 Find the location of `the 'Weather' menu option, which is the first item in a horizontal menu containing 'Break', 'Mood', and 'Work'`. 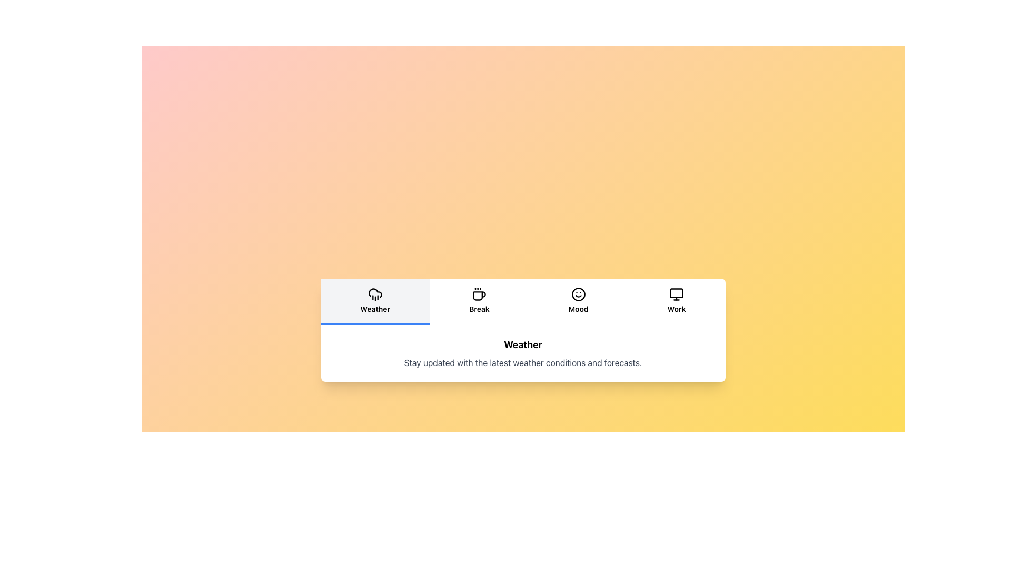

the 'Weather' menu option, which is the first item in a horizontal menu containing 'Break', 'Mood', and 'Work' is located at coordinates (375, 300).